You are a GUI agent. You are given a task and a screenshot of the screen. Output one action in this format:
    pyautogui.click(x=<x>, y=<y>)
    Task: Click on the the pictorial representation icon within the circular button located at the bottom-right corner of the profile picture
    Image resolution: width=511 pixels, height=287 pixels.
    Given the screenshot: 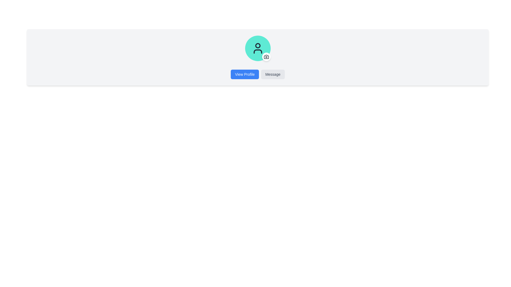 What is the action you would take?
    pyautogui.click(x=266, y=57)
    